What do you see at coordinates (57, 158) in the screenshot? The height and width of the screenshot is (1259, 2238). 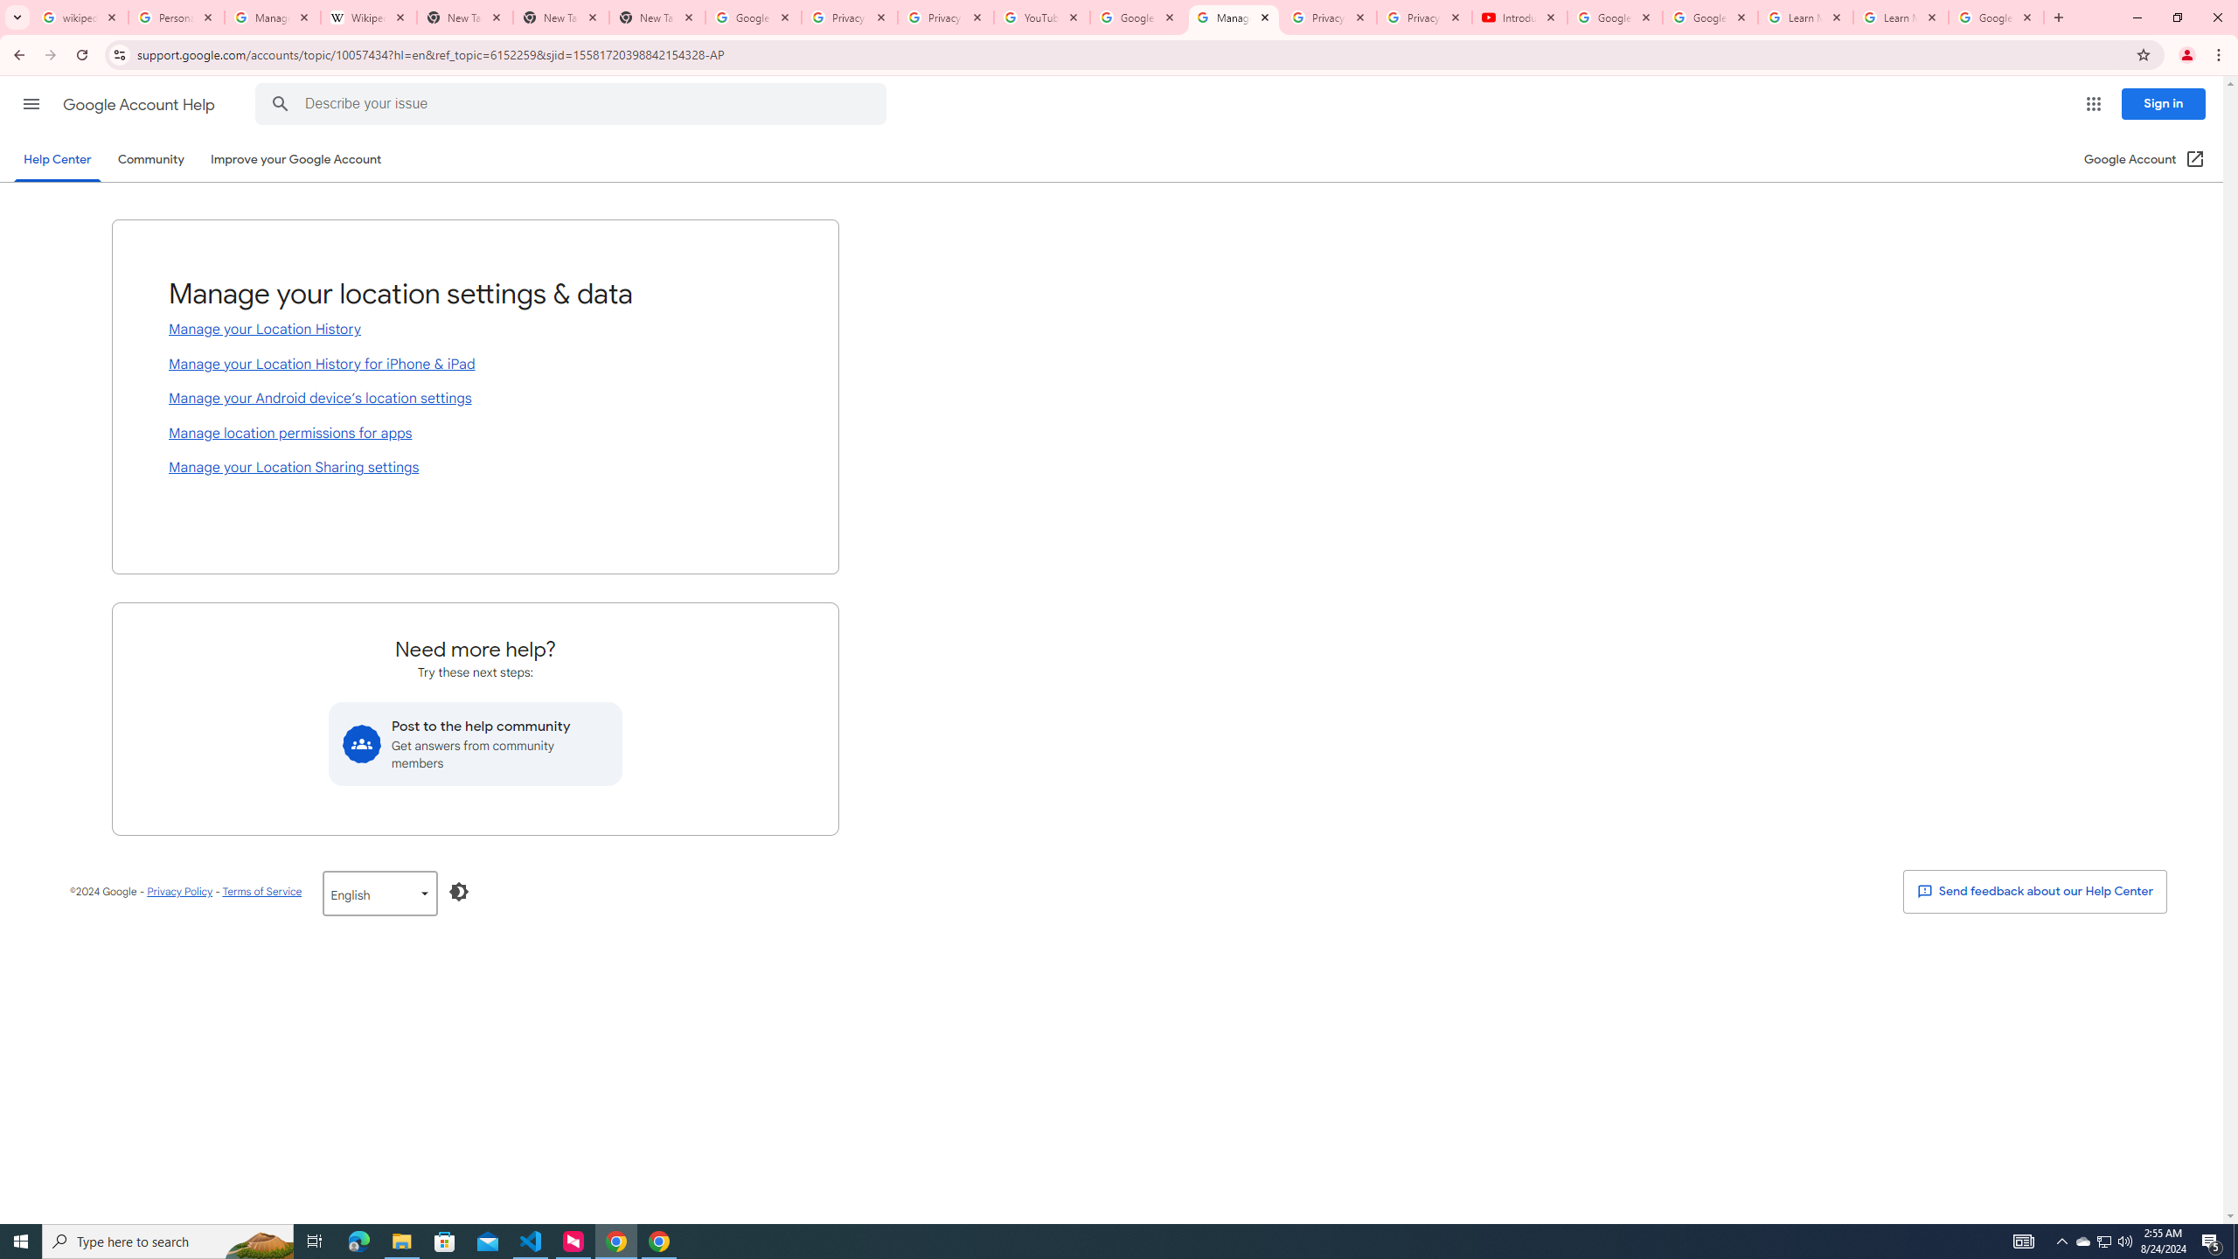 I see `'Help Center'` at bounding box center [57, 158].